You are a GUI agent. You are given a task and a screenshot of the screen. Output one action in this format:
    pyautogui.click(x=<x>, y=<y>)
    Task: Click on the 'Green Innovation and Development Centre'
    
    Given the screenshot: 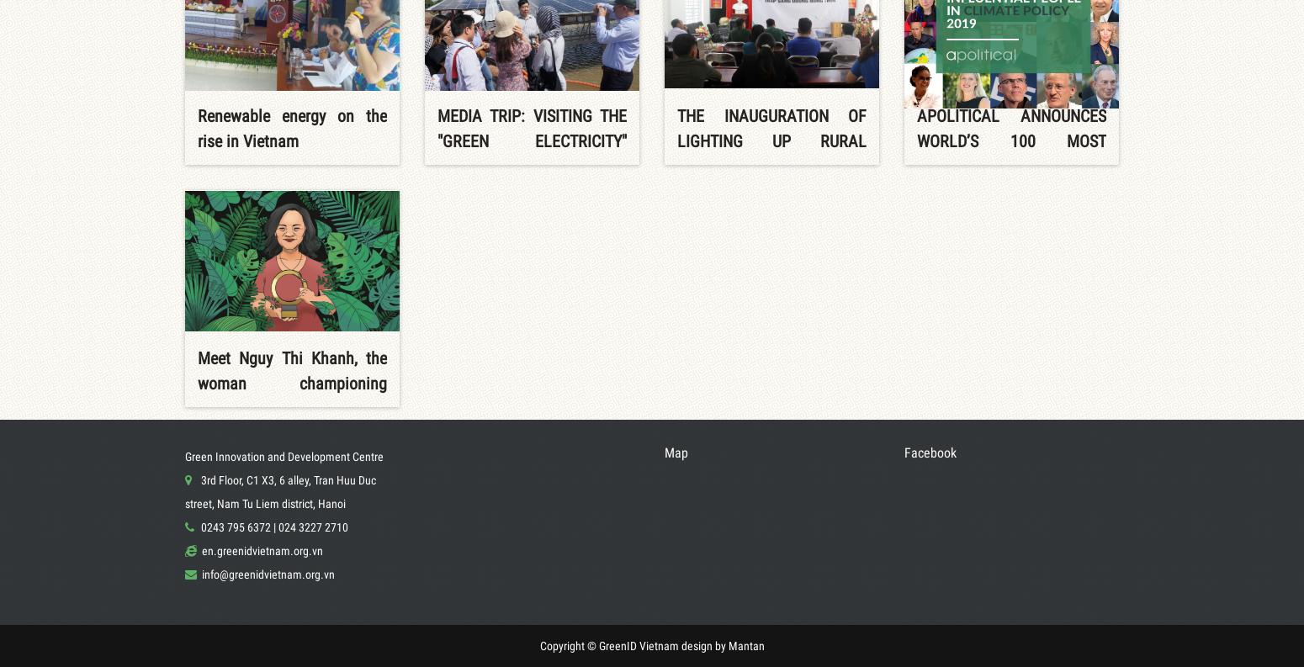 What is the action you would take?
    pyautogui.click(x=183, y=455)
    